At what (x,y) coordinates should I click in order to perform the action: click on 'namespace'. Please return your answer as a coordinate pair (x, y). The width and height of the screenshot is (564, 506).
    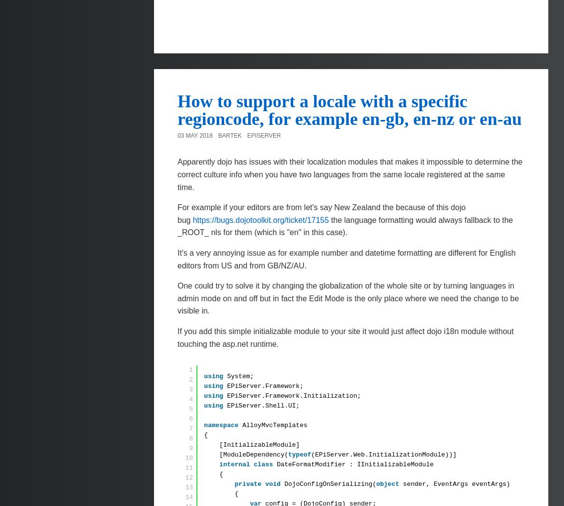
    Looking at the image, I should click on (221, 425).